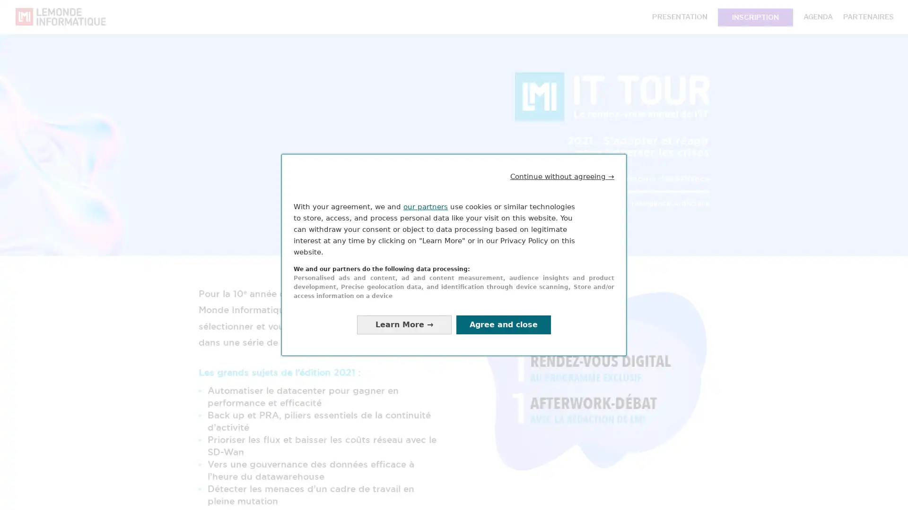 The width and height of the screenshot is (908, 510). Describe the element at coordinates (562, 176) in the screenshot. I see `Continue without agreeing` at that location.